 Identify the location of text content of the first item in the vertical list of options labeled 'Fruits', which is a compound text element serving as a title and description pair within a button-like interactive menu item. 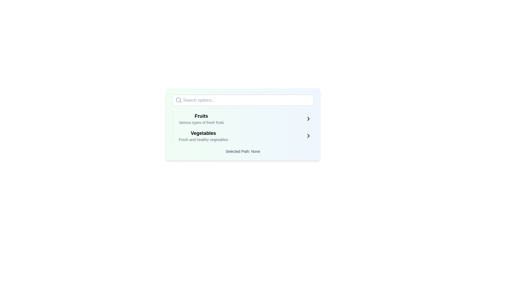
(201, 118).